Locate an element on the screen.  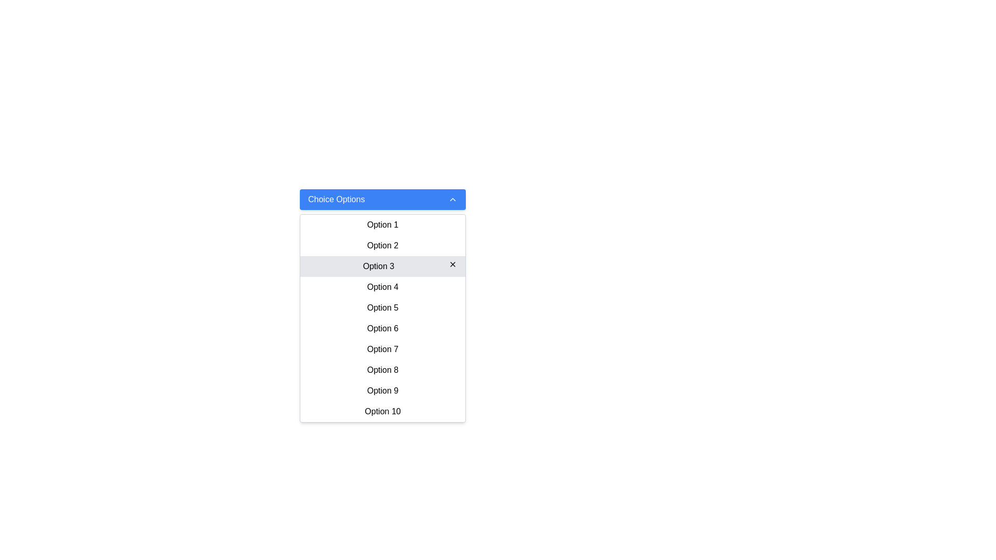
keyboard navigation is located at coordinates (382, 390).